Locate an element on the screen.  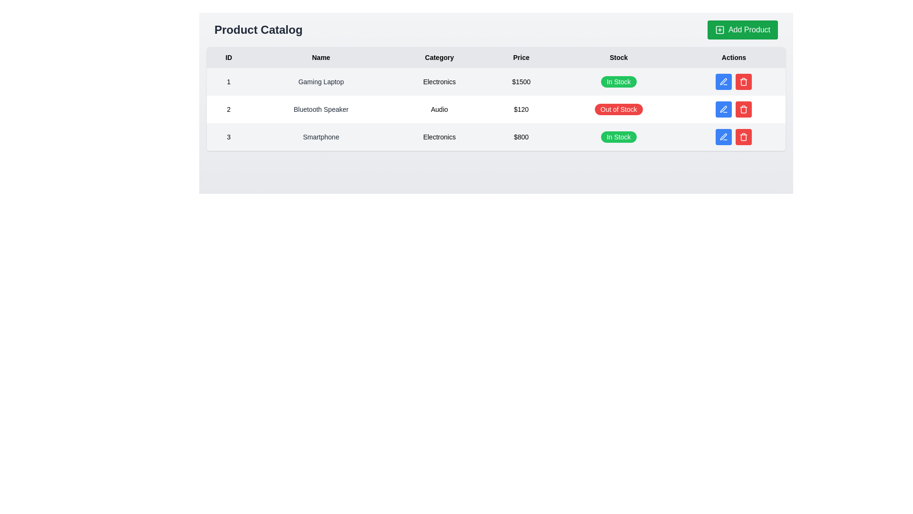
the 'In Stock' badge, which is a small, rounded rectangular indicator with white text on a green background, located in the 'Stock' column of the table for the product 'Gaming Laptop' is located at coordinates (619, 81).